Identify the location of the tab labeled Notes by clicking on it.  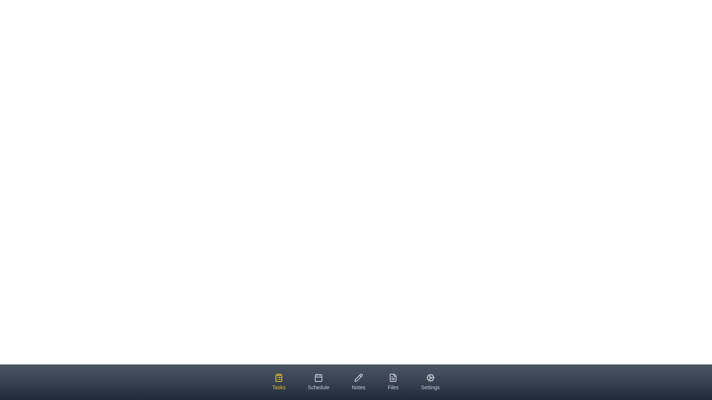
(358, 382).